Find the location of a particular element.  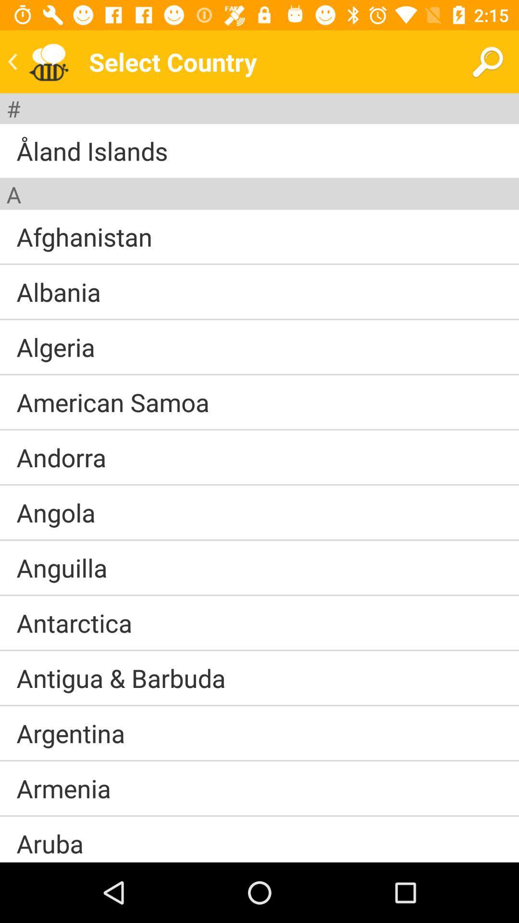

andorra is located at coordinates (61, 457).